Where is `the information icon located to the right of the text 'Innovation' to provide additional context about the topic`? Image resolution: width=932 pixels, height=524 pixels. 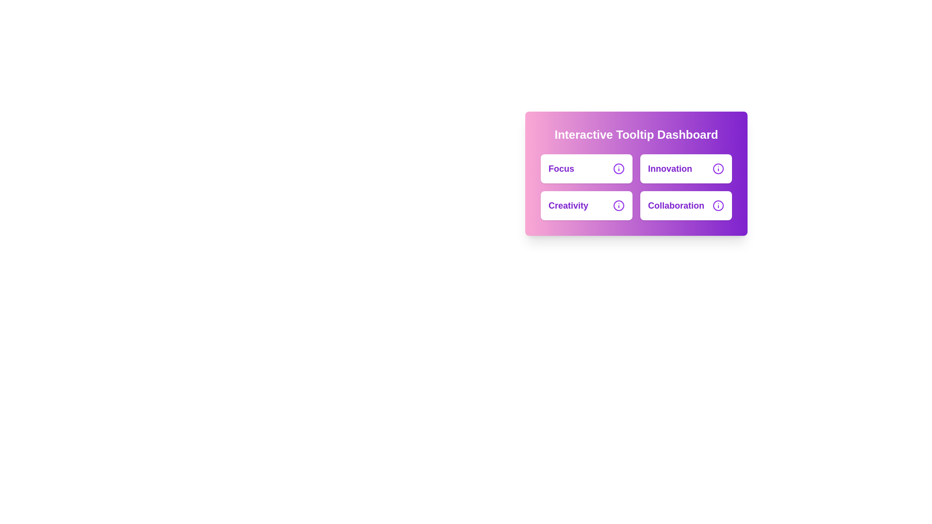 the information icon located to the right of the text 'Innovation' to provide additional context about the topic is located at coordinates (718, 168).